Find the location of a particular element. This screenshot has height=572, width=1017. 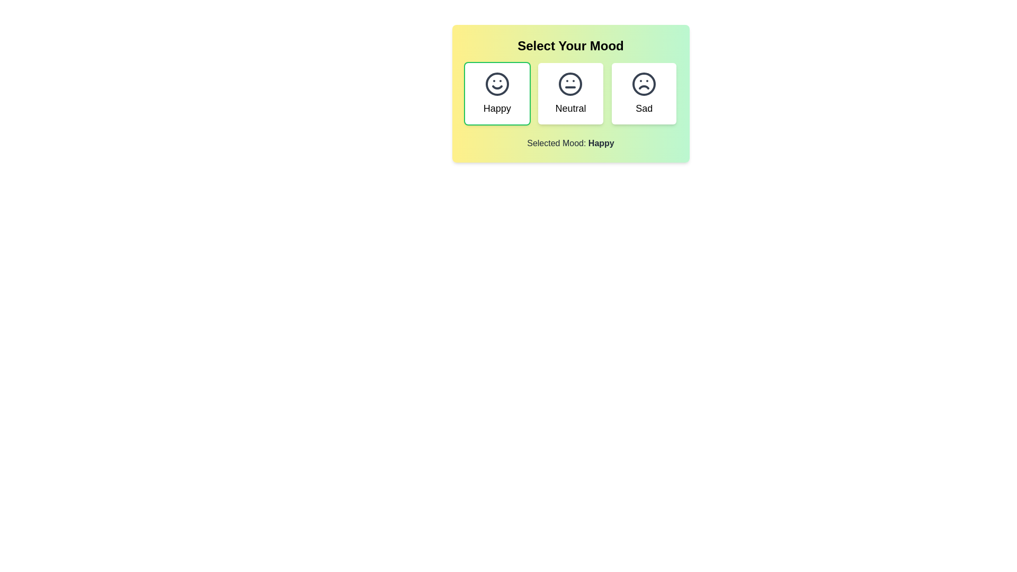

the heading text that indicates the purpose or theme of the content below, which is related to selecting a mood is located at coordinates (570, 46).